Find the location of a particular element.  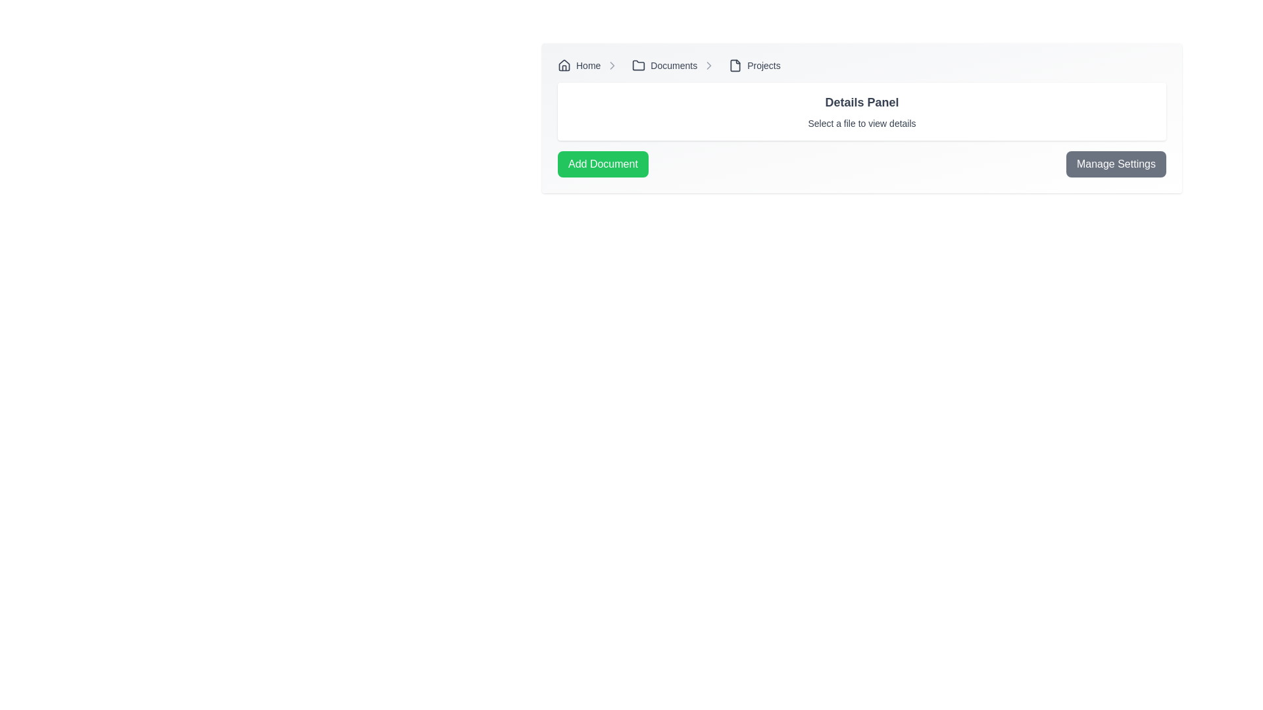

the 'Home' label in the breadcrumb navigation sequence, which is positioned immediately to the right of the house icon is located at coordinates (587, 66).